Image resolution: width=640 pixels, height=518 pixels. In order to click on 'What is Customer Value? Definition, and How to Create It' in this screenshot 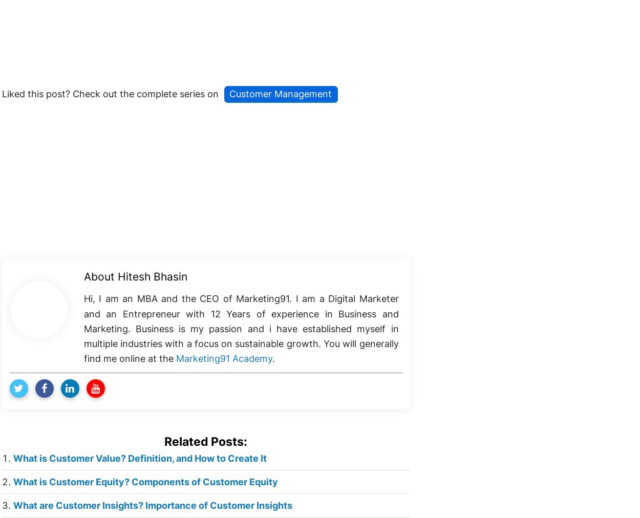, I will do `click(139, 458)`.